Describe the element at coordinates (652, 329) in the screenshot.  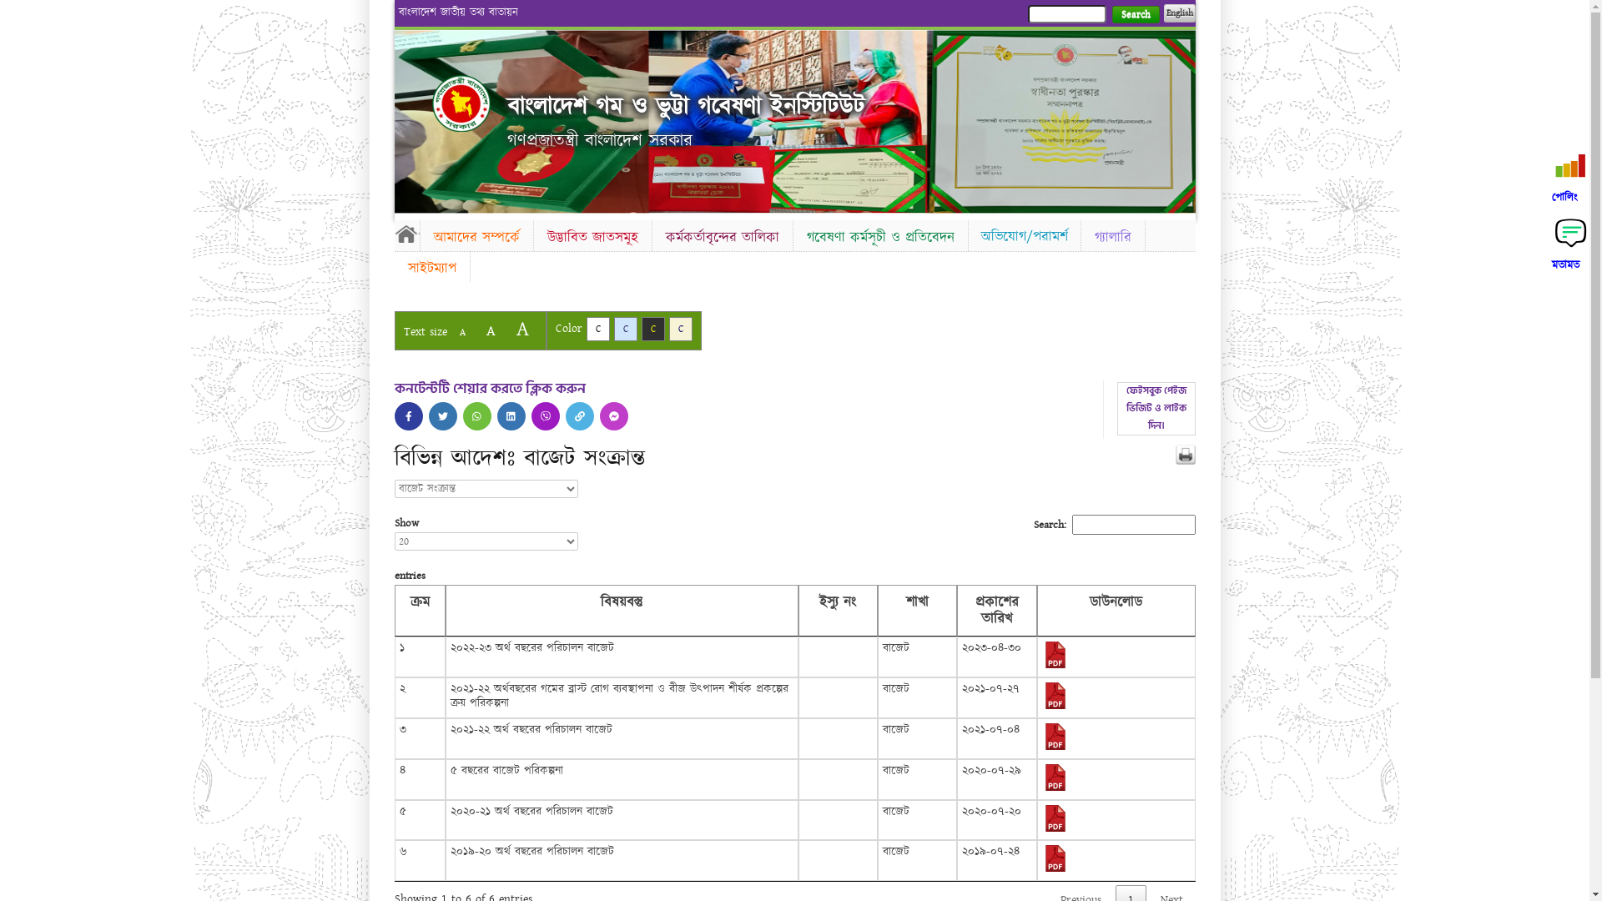
I see `'C'` at that location.